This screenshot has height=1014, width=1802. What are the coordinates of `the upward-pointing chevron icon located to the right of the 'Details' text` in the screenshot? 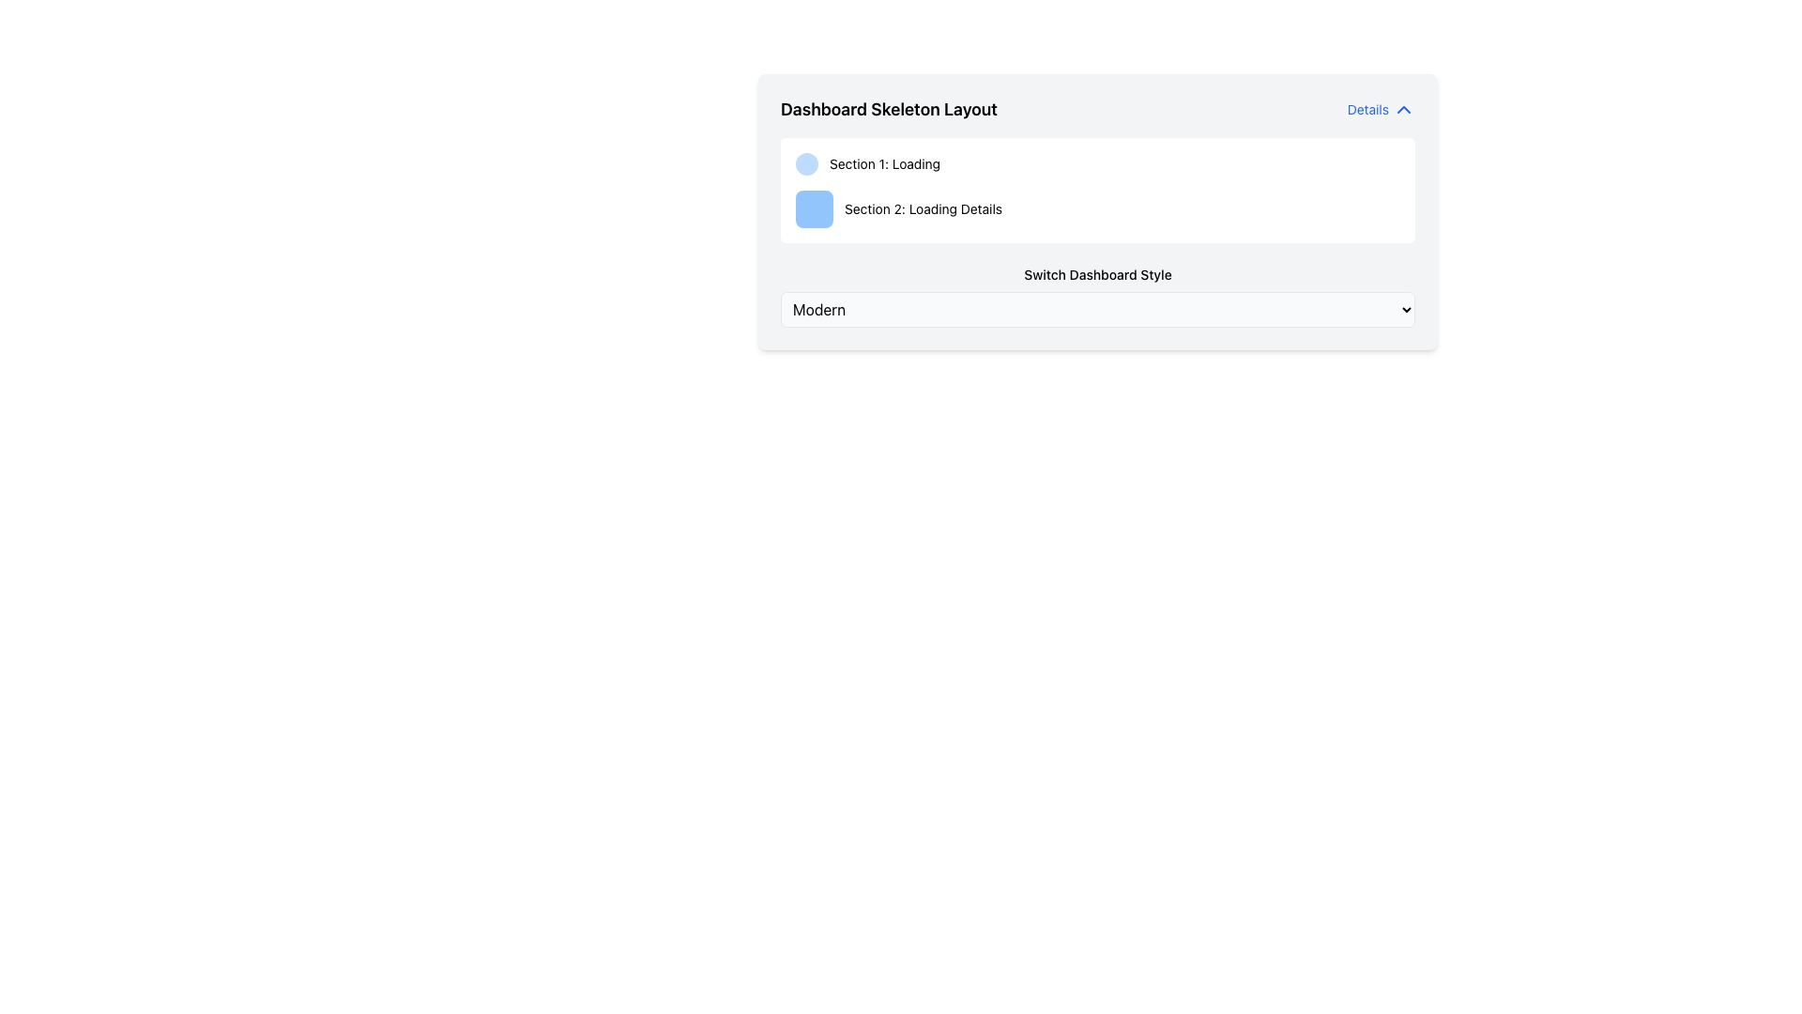 It's located at (1404, 109).